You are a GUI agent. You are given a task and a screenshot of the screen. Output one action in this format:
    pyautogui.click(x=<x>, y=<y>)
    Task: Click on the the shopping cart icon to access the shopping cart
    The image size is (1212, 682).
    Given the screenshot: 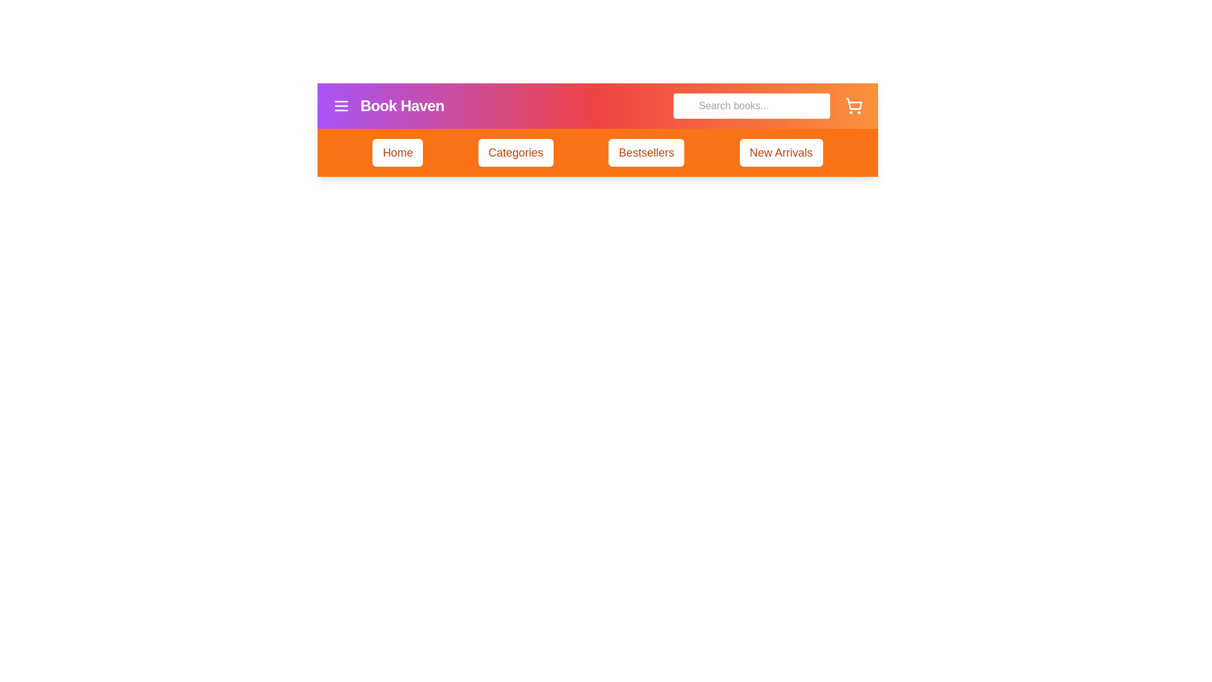 What is the action you would take?
    pyautogui.click(x=854, y=105)
    